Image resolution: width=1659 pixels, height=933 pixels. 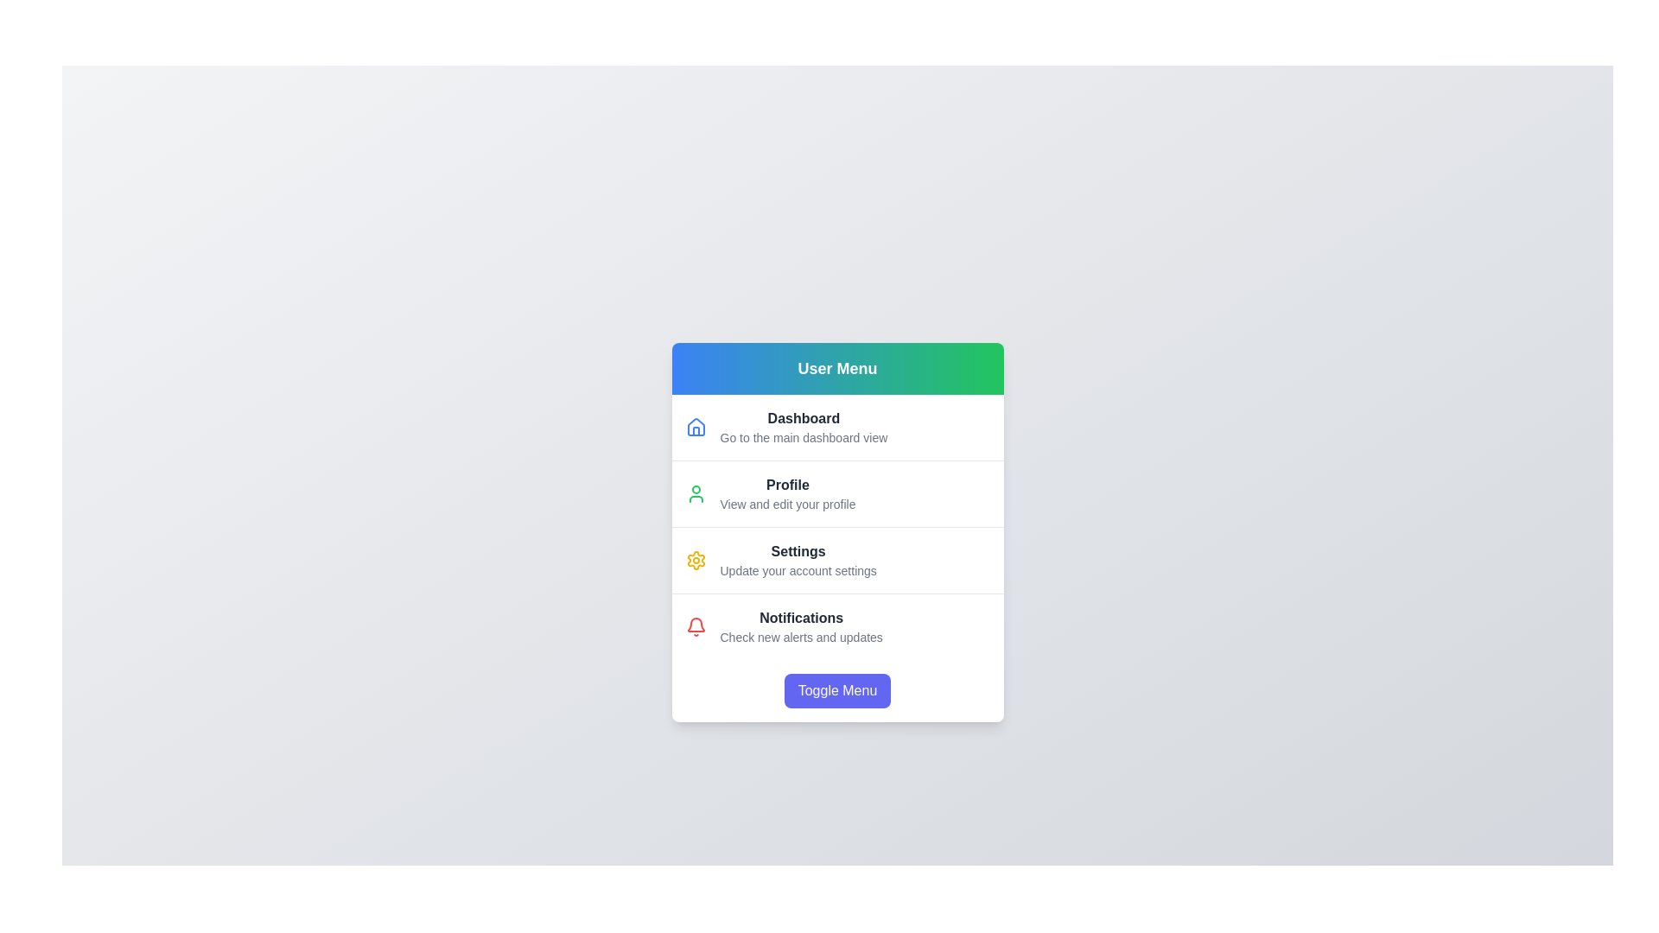 What do you see at coordinates (787, 485) in the screenshot?
I see `the 'Profile' menu item to view or edit the user profile` at bounding box center [787, 485].